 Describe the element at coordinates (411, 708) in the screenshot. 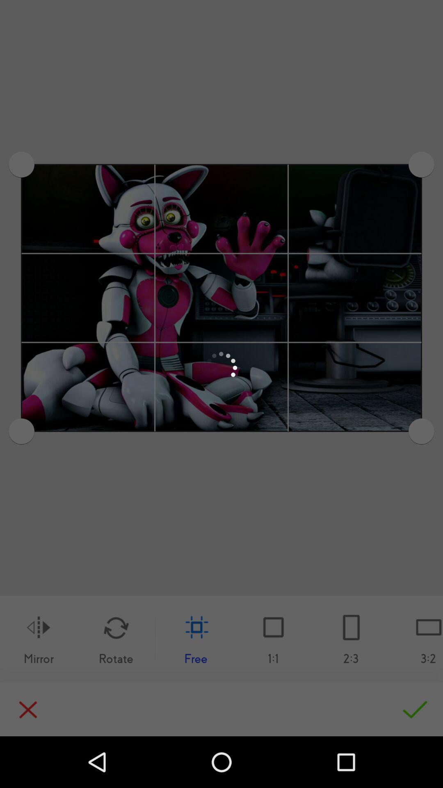

I see `the tick icon which is at the bottom` at that location.